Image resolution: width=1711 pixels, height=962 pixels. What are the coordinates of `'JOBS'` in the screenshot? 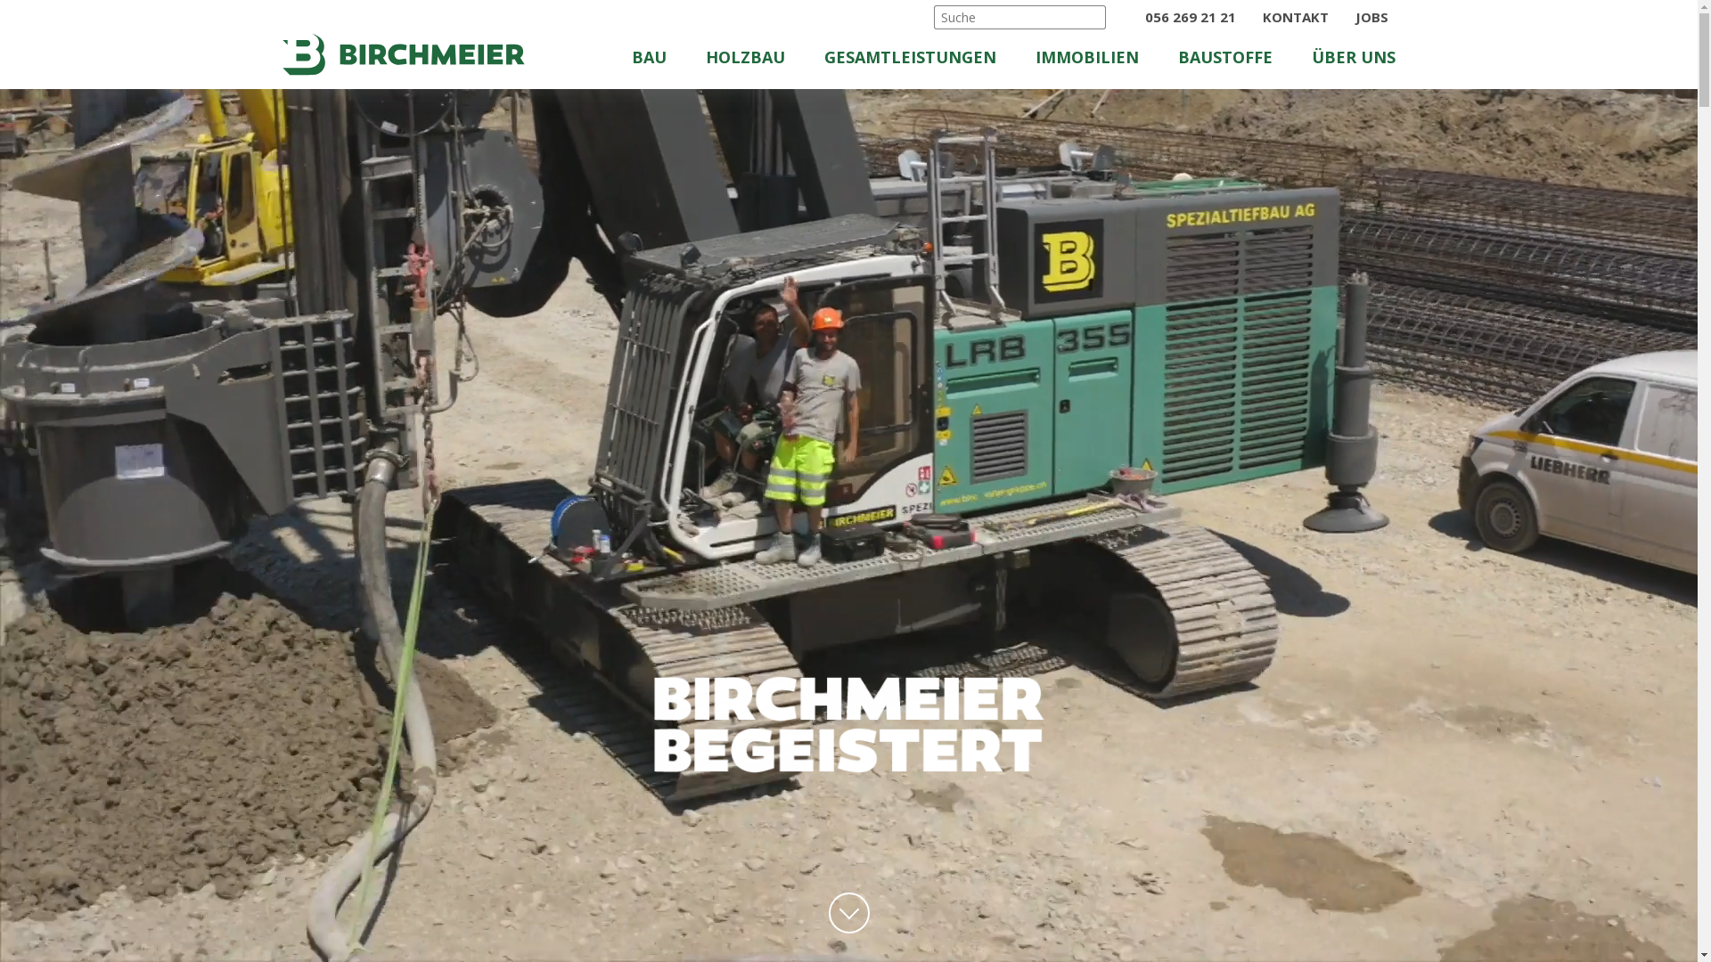 It's located at (1371, 17).